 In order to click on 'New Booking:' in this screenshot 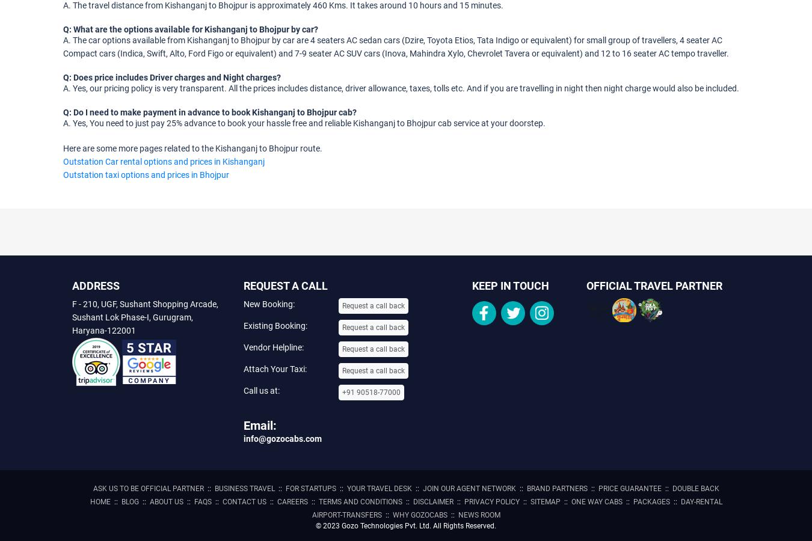, I will do `click(269, 303)`.